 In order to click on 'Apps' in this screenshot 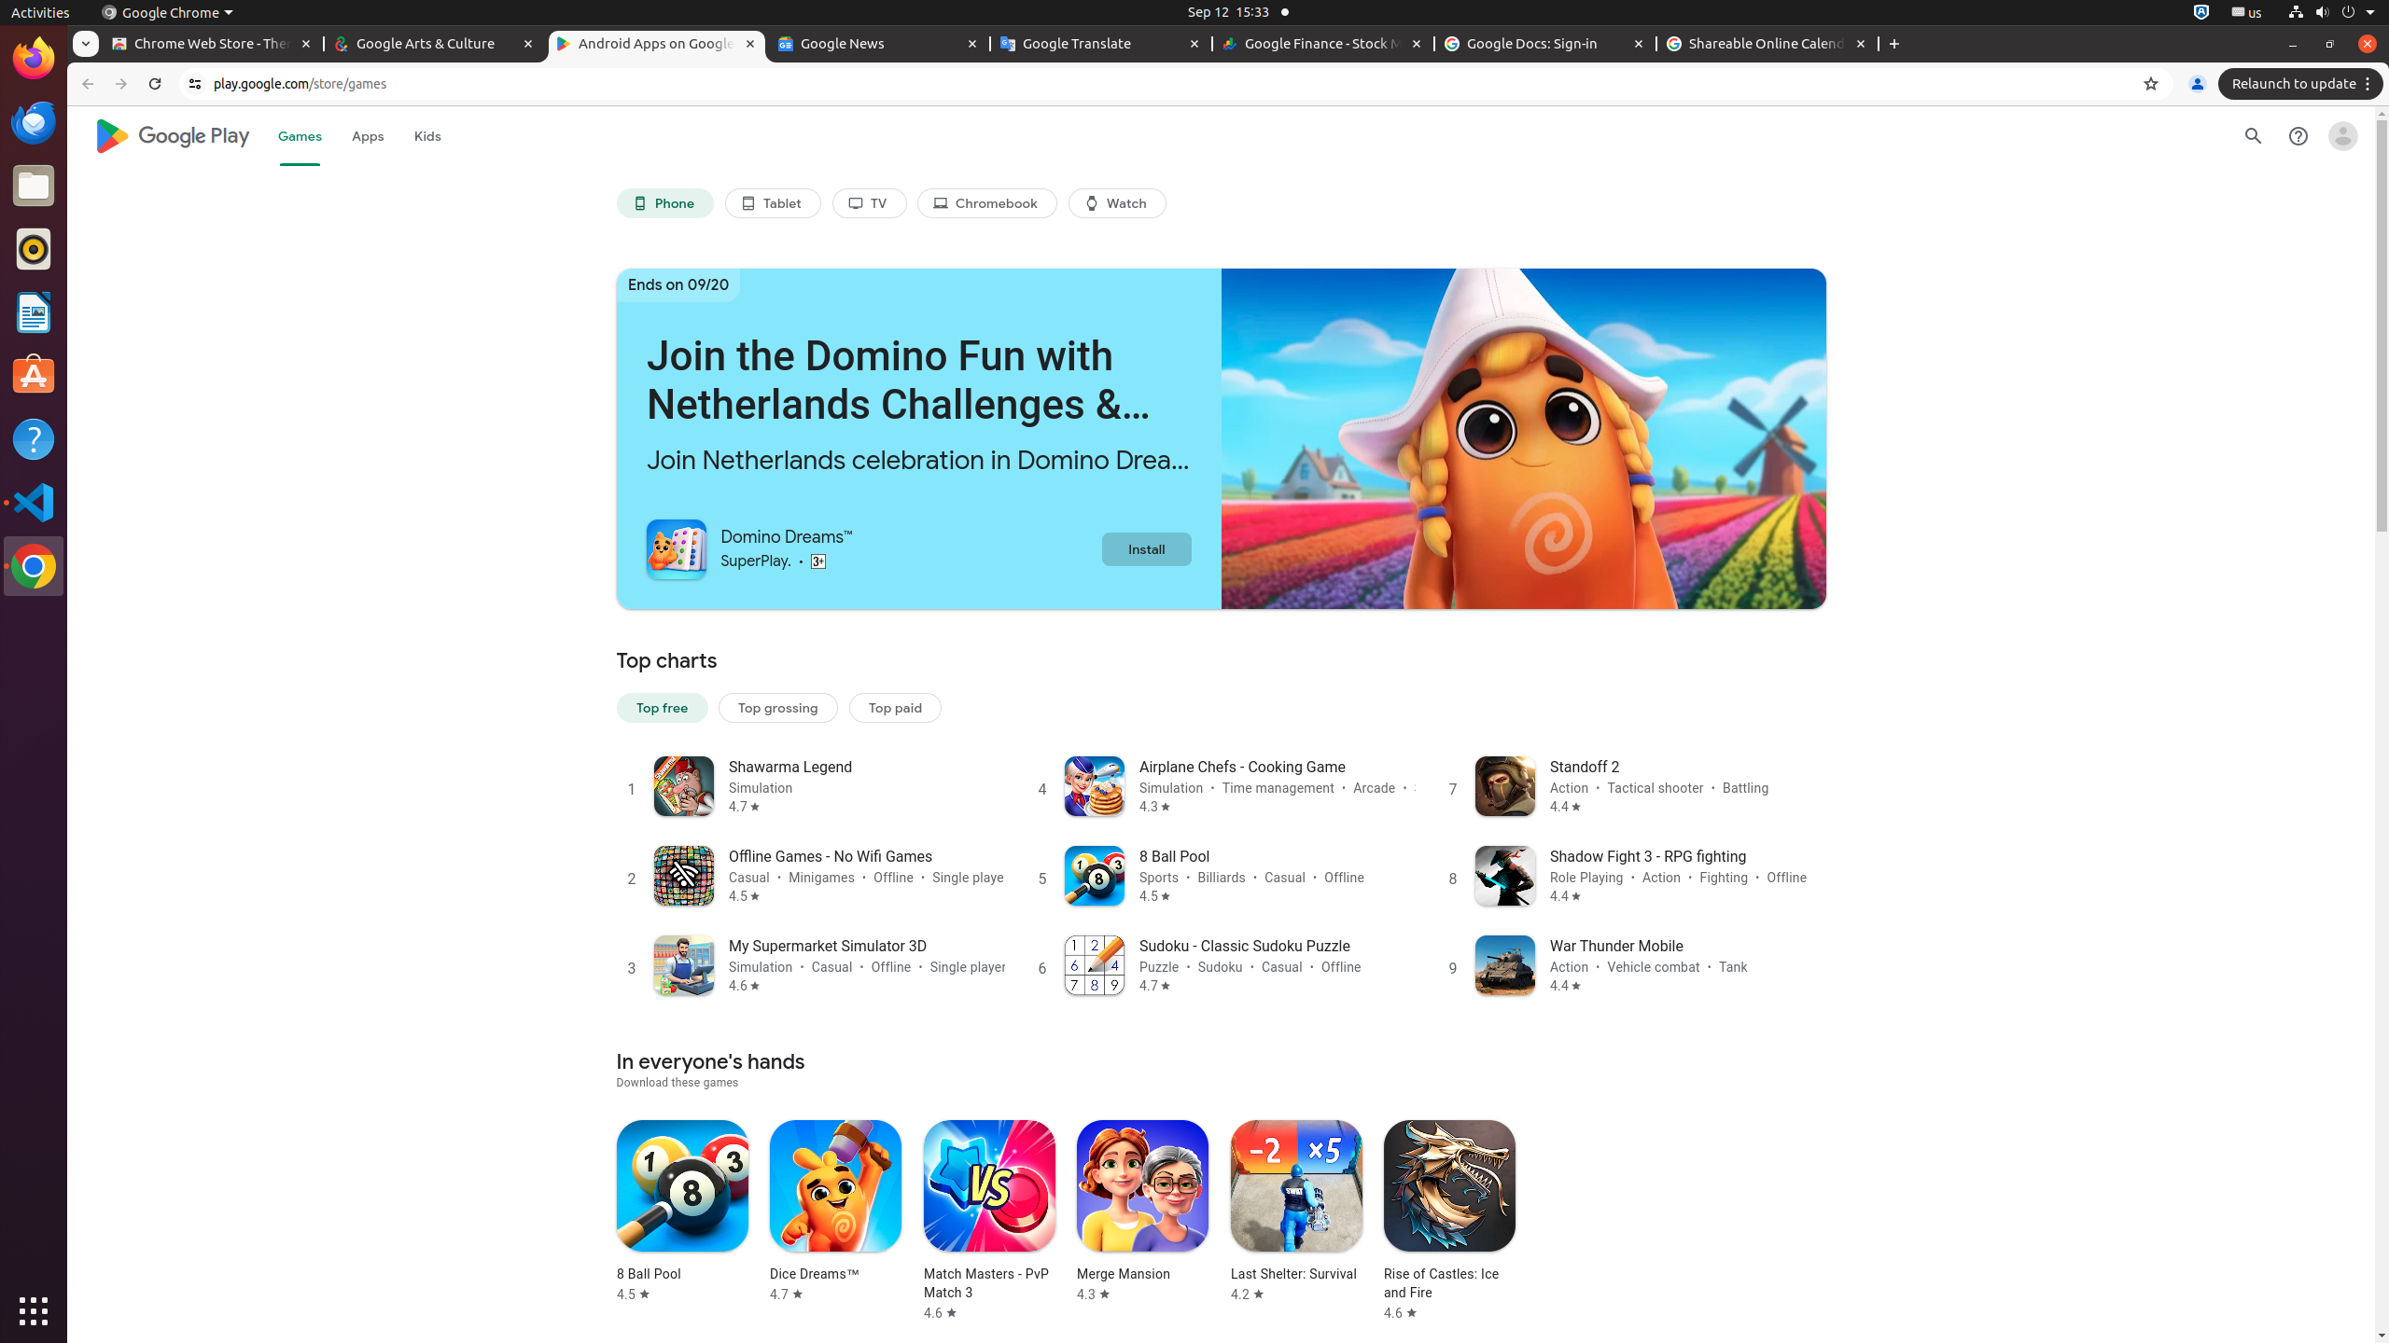, I will do `click(366, 135)`.